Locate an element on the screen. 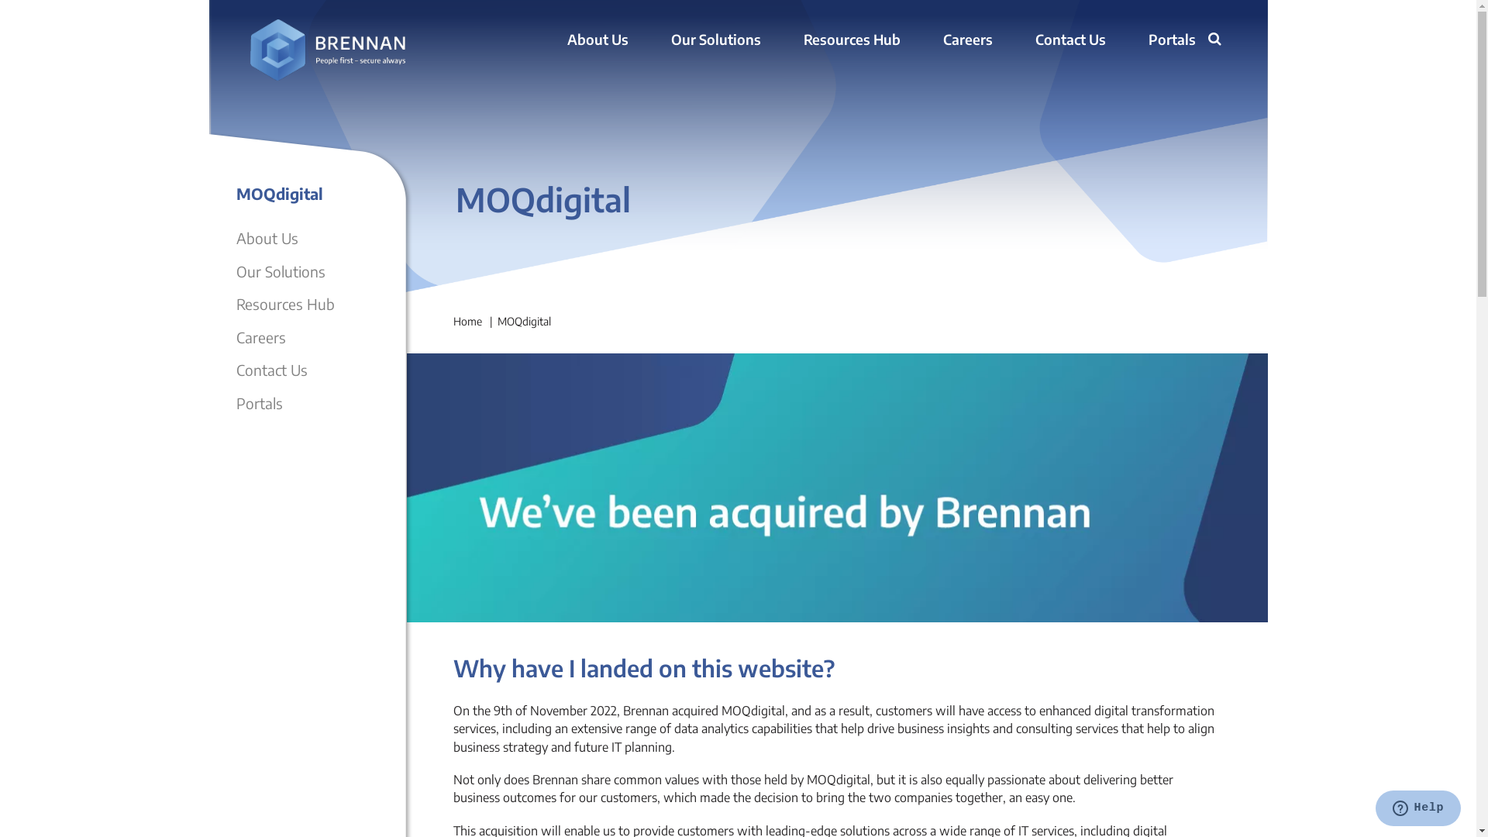  'Our Solutions' is located at coordinates (670, 40).